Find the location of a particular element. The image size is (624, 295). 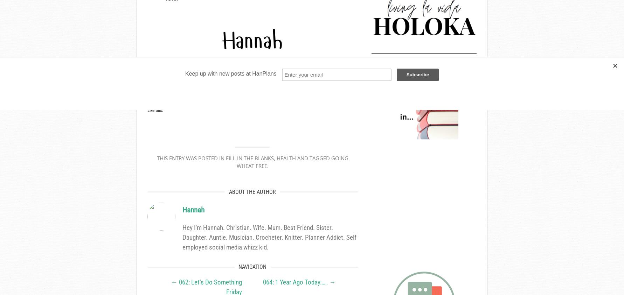

'Hey I'm Hannah. Christian. Wife. Mum. Best Friend. Sister. Daughter. Auntie. Musician. Crocheter. Knitter. Planner Addict. Self employed social media whizz kid.' is located at coordinates (269, 237).